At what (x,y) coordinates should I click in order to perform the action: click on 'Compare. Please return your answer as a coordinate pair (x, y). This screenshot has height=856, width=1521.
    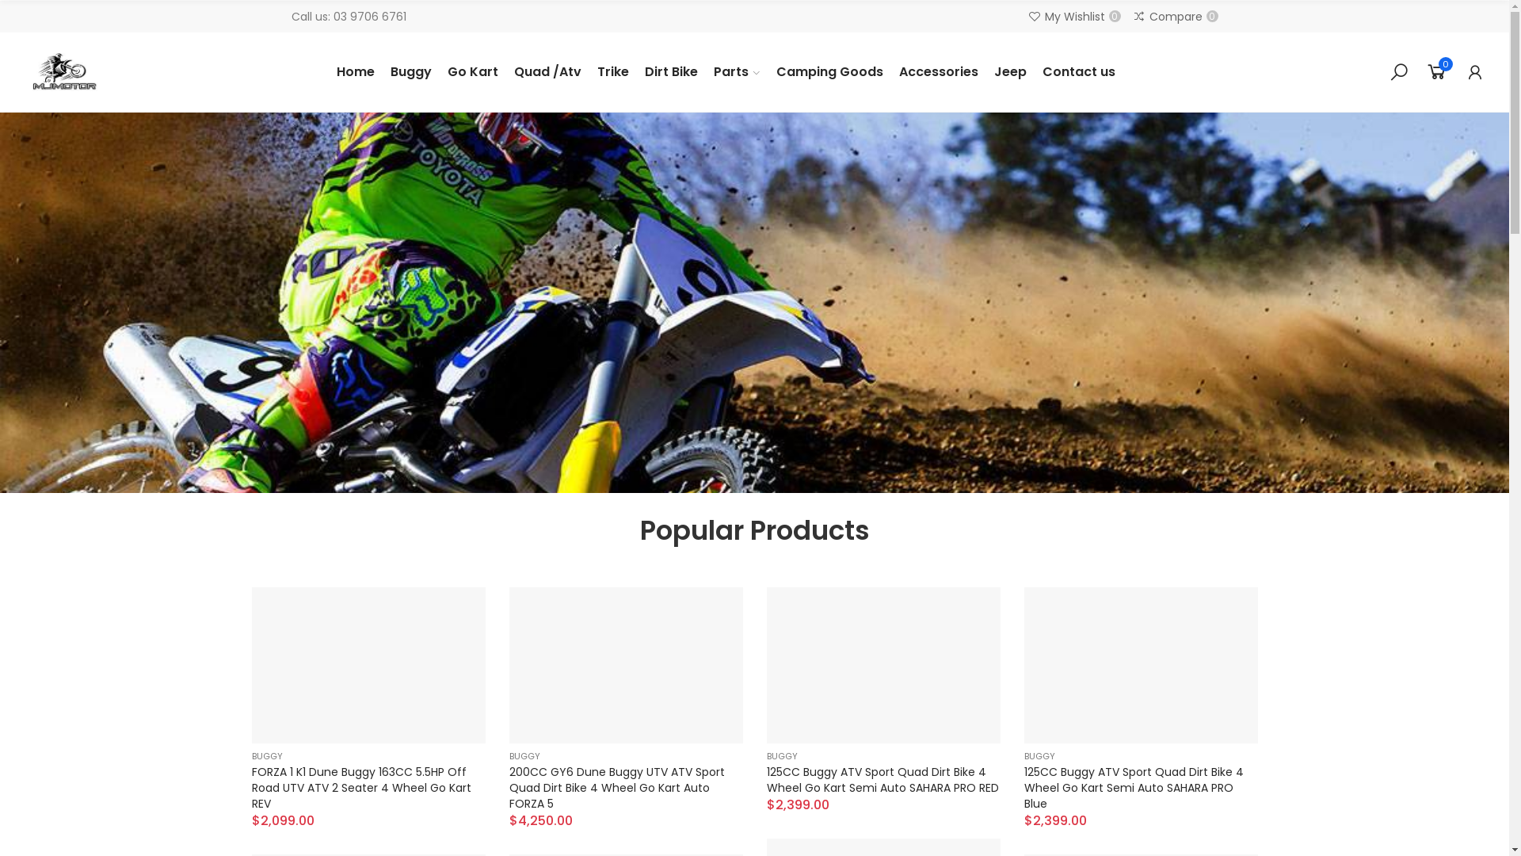
    Looking at the image, I should click on (1175, 16).